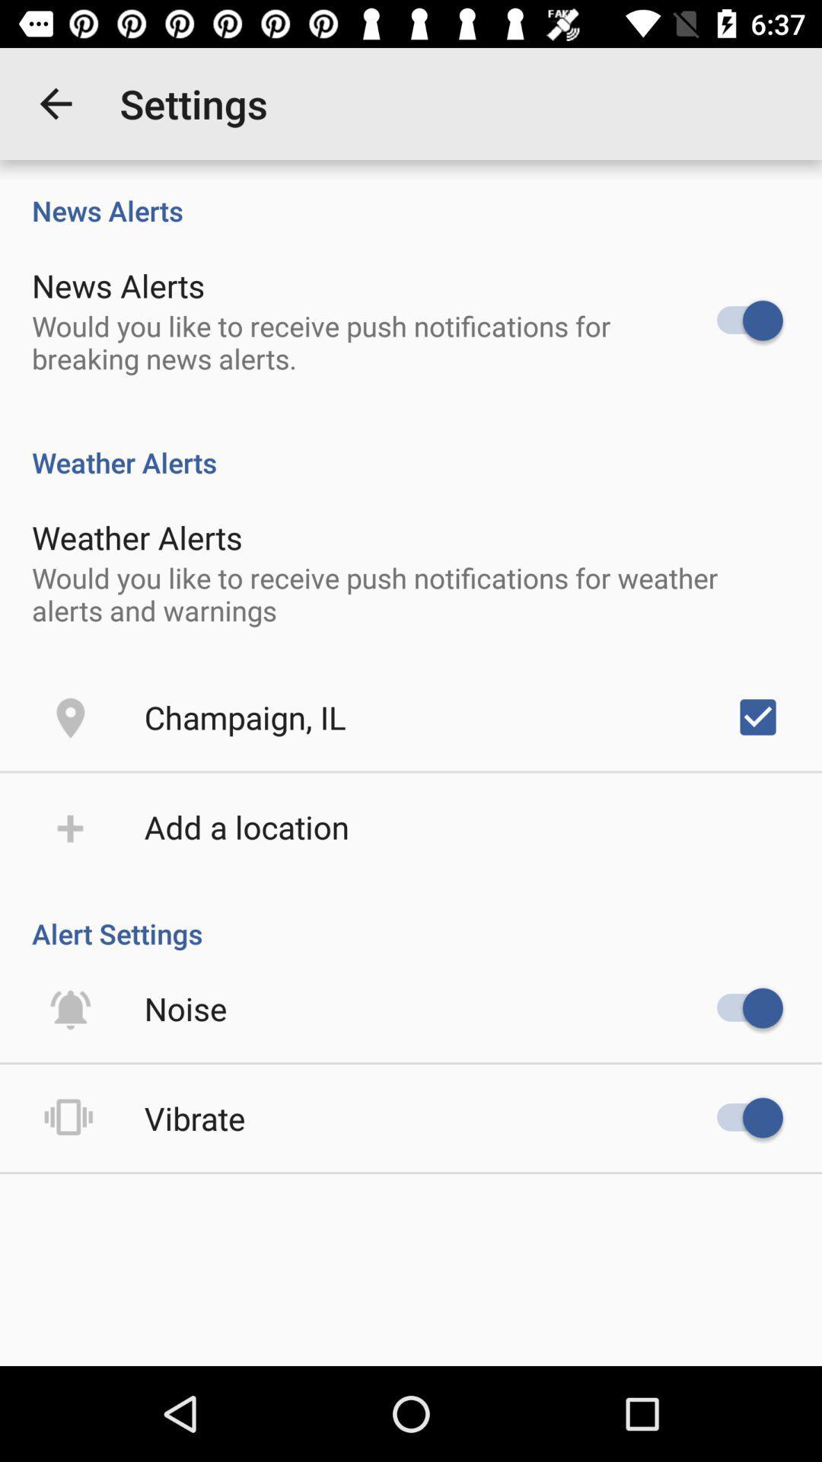 This screenshot has width=822, height=1462. Describe the element at coordinates (411, 917) in the screenshot. I see `the alert settings icon` at that location.